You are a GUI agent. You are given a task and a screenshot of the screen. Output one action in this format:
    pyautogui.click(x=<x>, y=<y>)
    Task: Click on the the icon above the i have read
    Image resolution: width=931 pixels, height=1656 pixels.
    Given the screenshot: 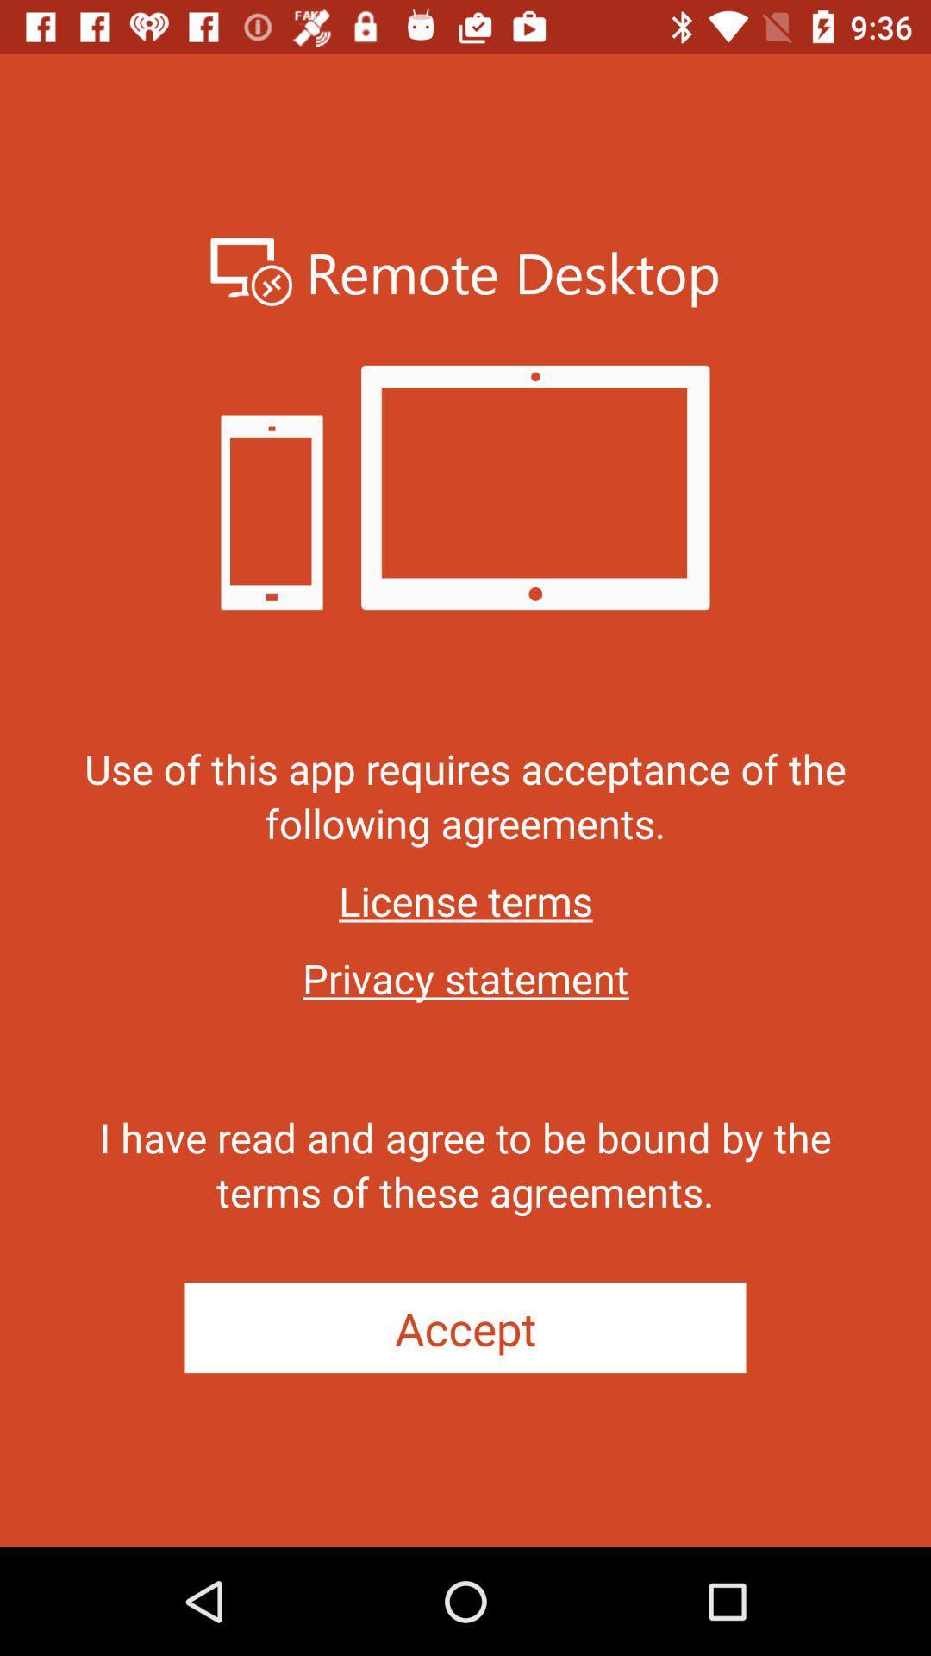 What is the action you would take?
    pyautogui.click(x=465, y=978)
    